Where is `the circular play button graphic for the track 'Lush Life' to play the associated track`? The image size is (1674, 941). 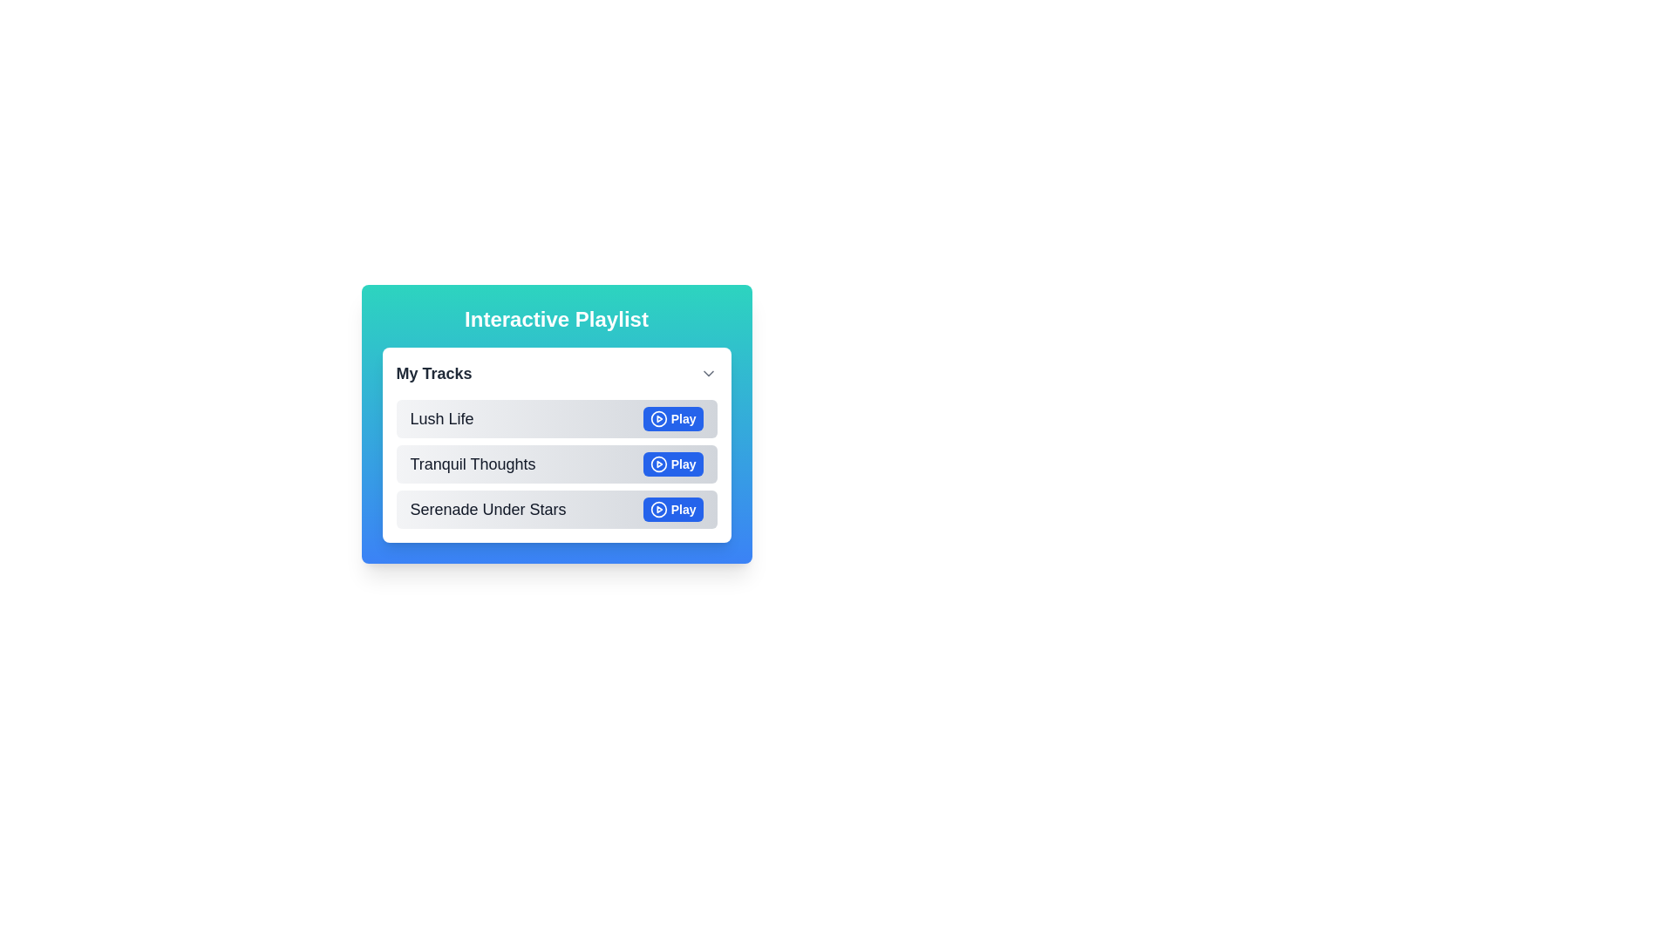
the circular play button graphic for the track 'Lush Life' to play the associated track is located at coordinates (657, 419).